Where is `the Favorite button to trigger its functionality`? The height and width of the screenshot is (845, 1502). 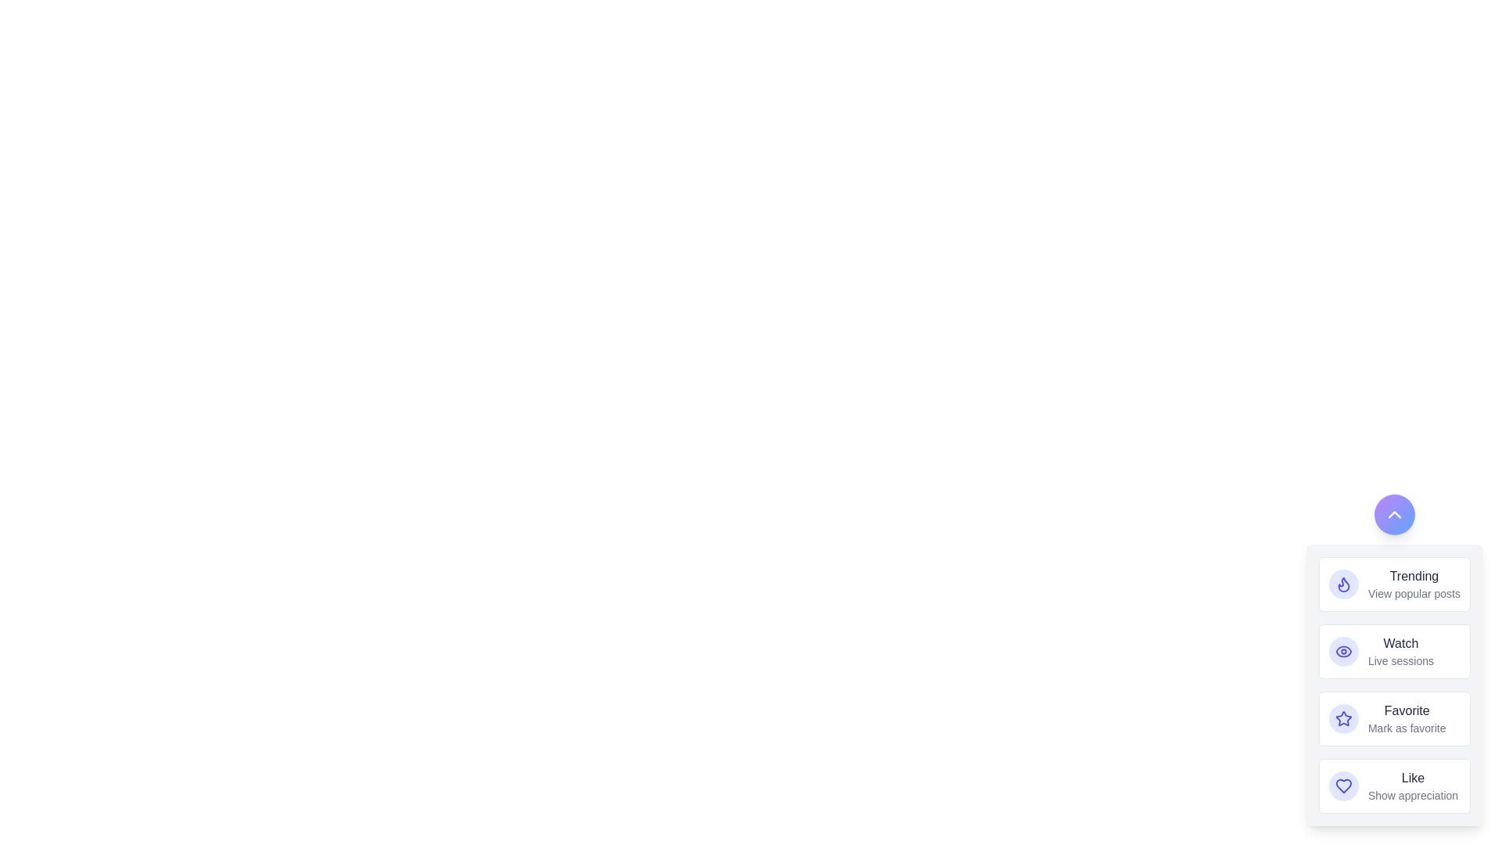
the Favorite button to trigger its functionality is located at coordinates (1343, 718).